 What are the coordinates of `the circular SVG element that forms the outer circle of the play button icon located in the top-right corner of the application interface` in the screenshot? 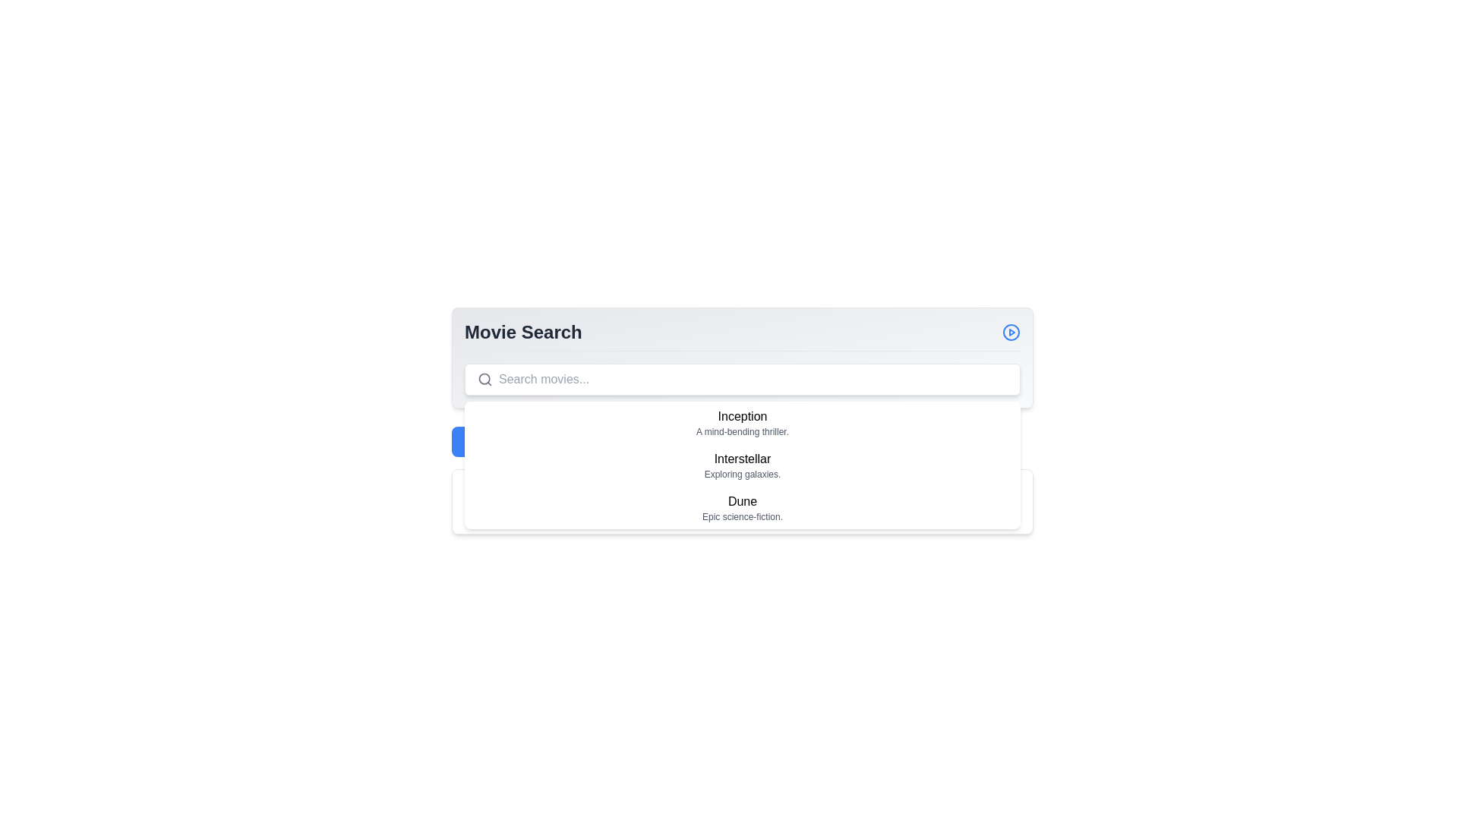 It's located at (1011, 332).